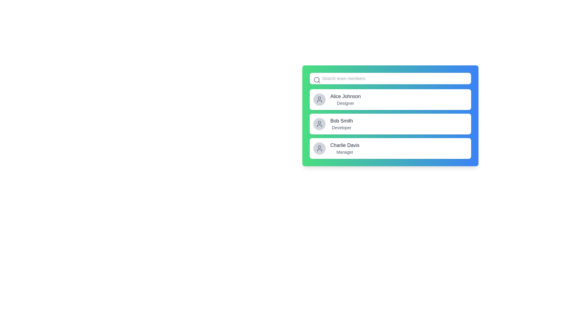 The width and height of the screenshot is (587, 330). What do you see at coordinates (319, 99) in the screenshot?
I see `the user profile icon for the first team member, which is located to the left of the text label 'Alice Johnson - Designer'` at bounding box center [319, 99].